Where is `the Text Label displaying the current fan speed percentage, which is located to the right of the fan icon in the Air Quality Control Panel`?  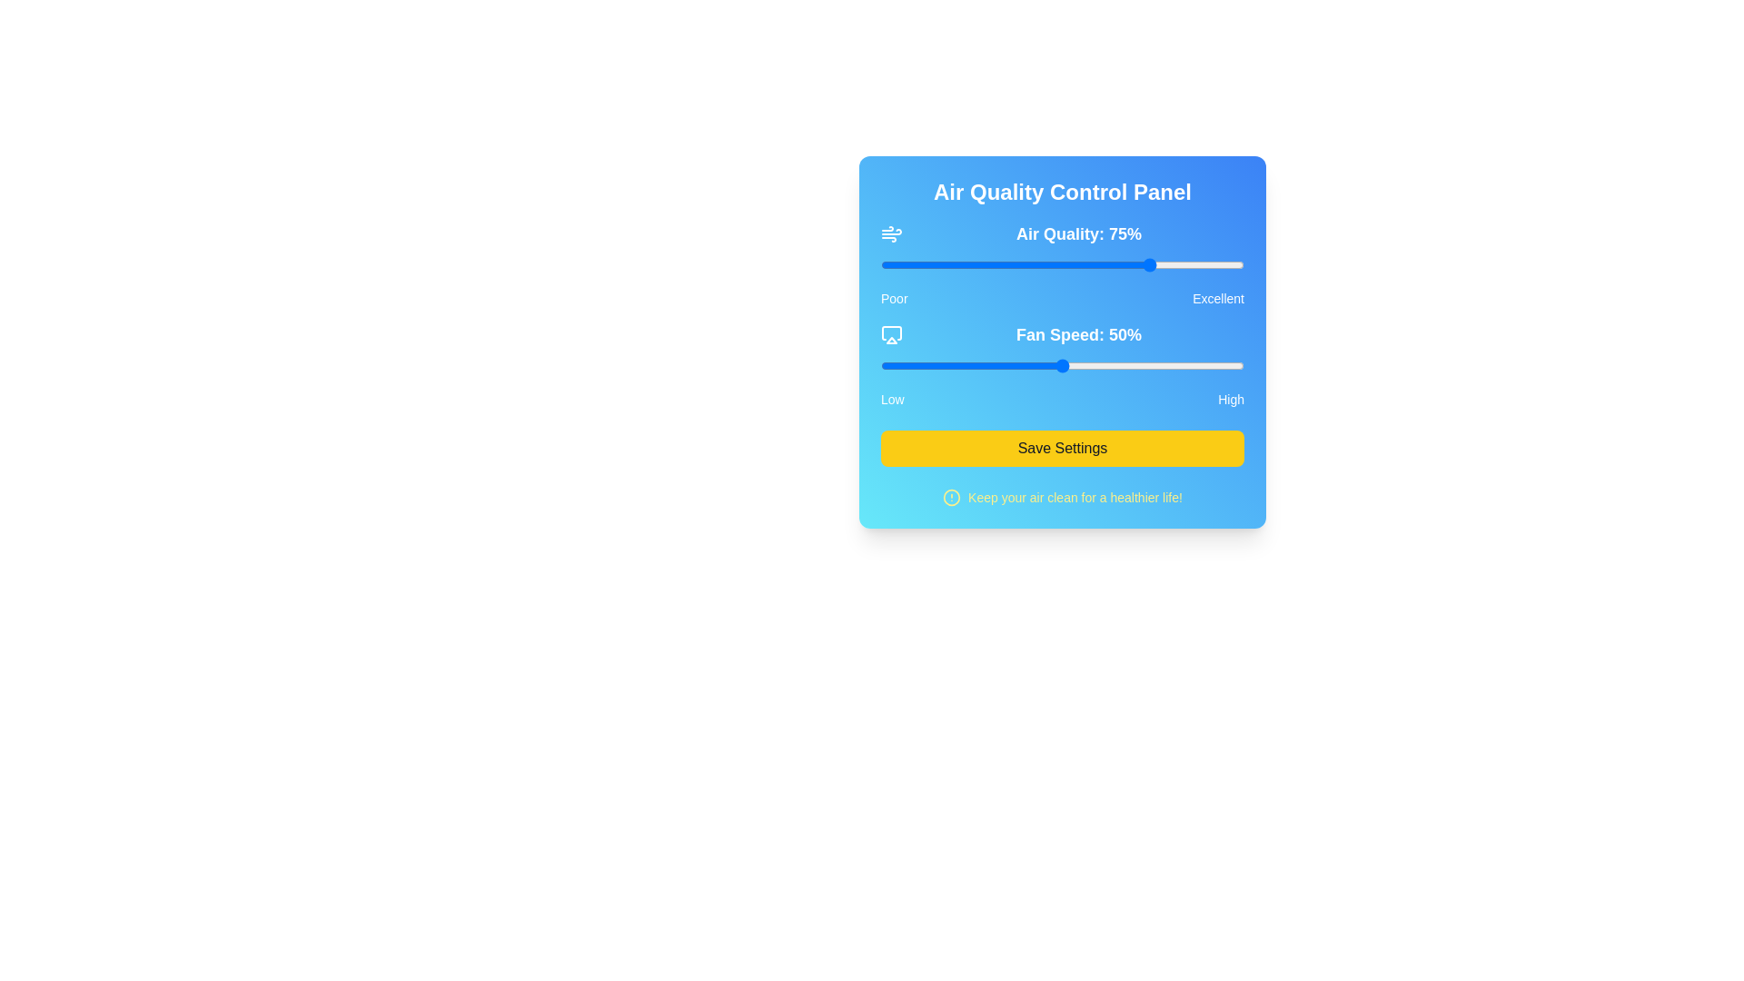 the Text Label displaying the current fan speed percentage, which is located to the right of the fan icon in the Air Quality Control Panel is located at coordinates (1079, 335).